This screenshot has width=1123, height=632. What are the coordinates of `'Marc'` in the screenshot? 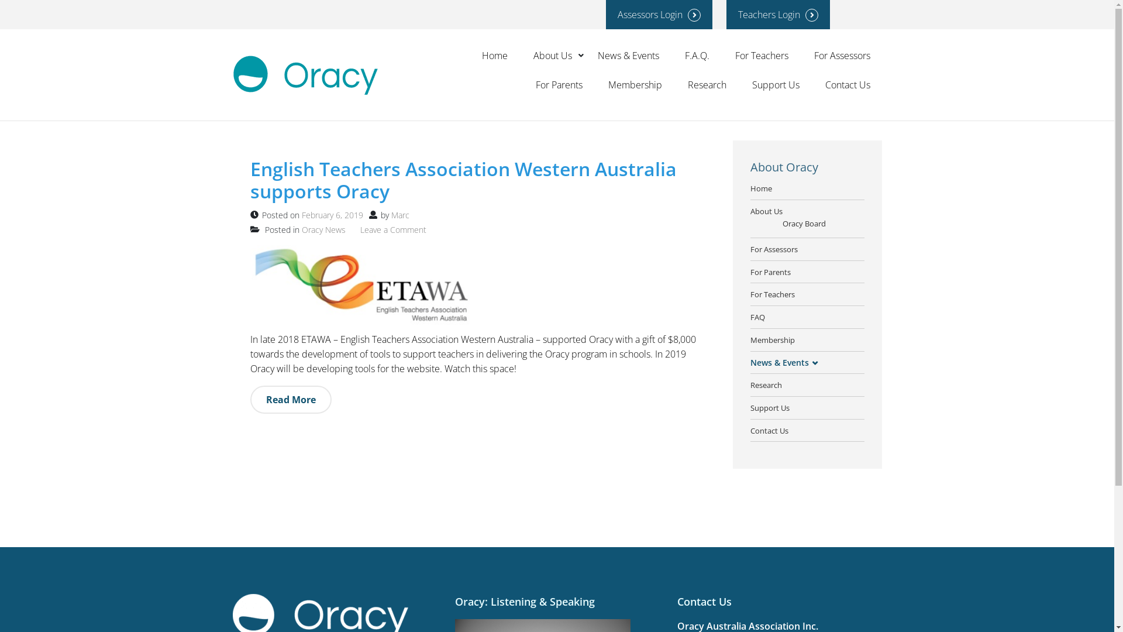 It's located at (399, 215).